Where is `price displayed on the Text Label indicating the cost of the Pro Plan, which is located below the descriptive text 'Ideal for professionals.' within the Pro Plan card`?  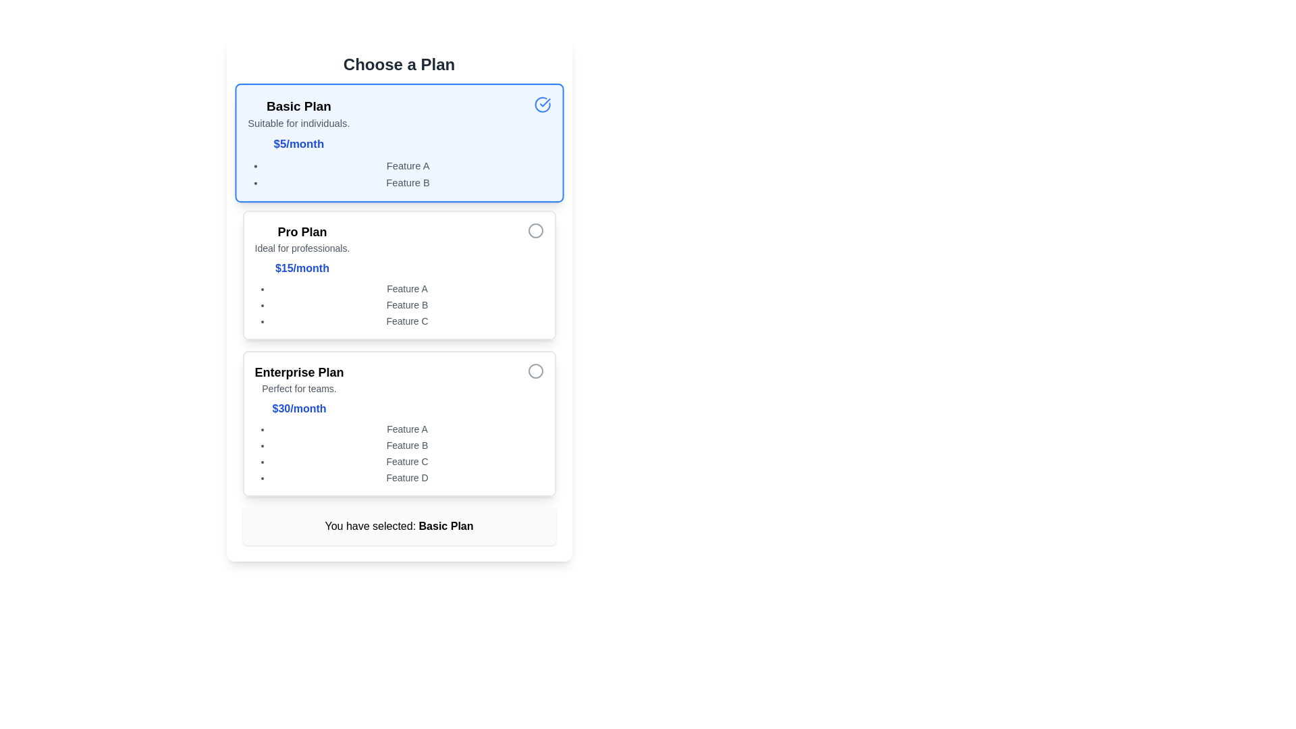 price displayed on the Text Label indicating the cost of the Pro Plan, which is located below the descriptive text 'Ideal for professionals.' within the Pro Plan card is located at coordinates (301, 268).